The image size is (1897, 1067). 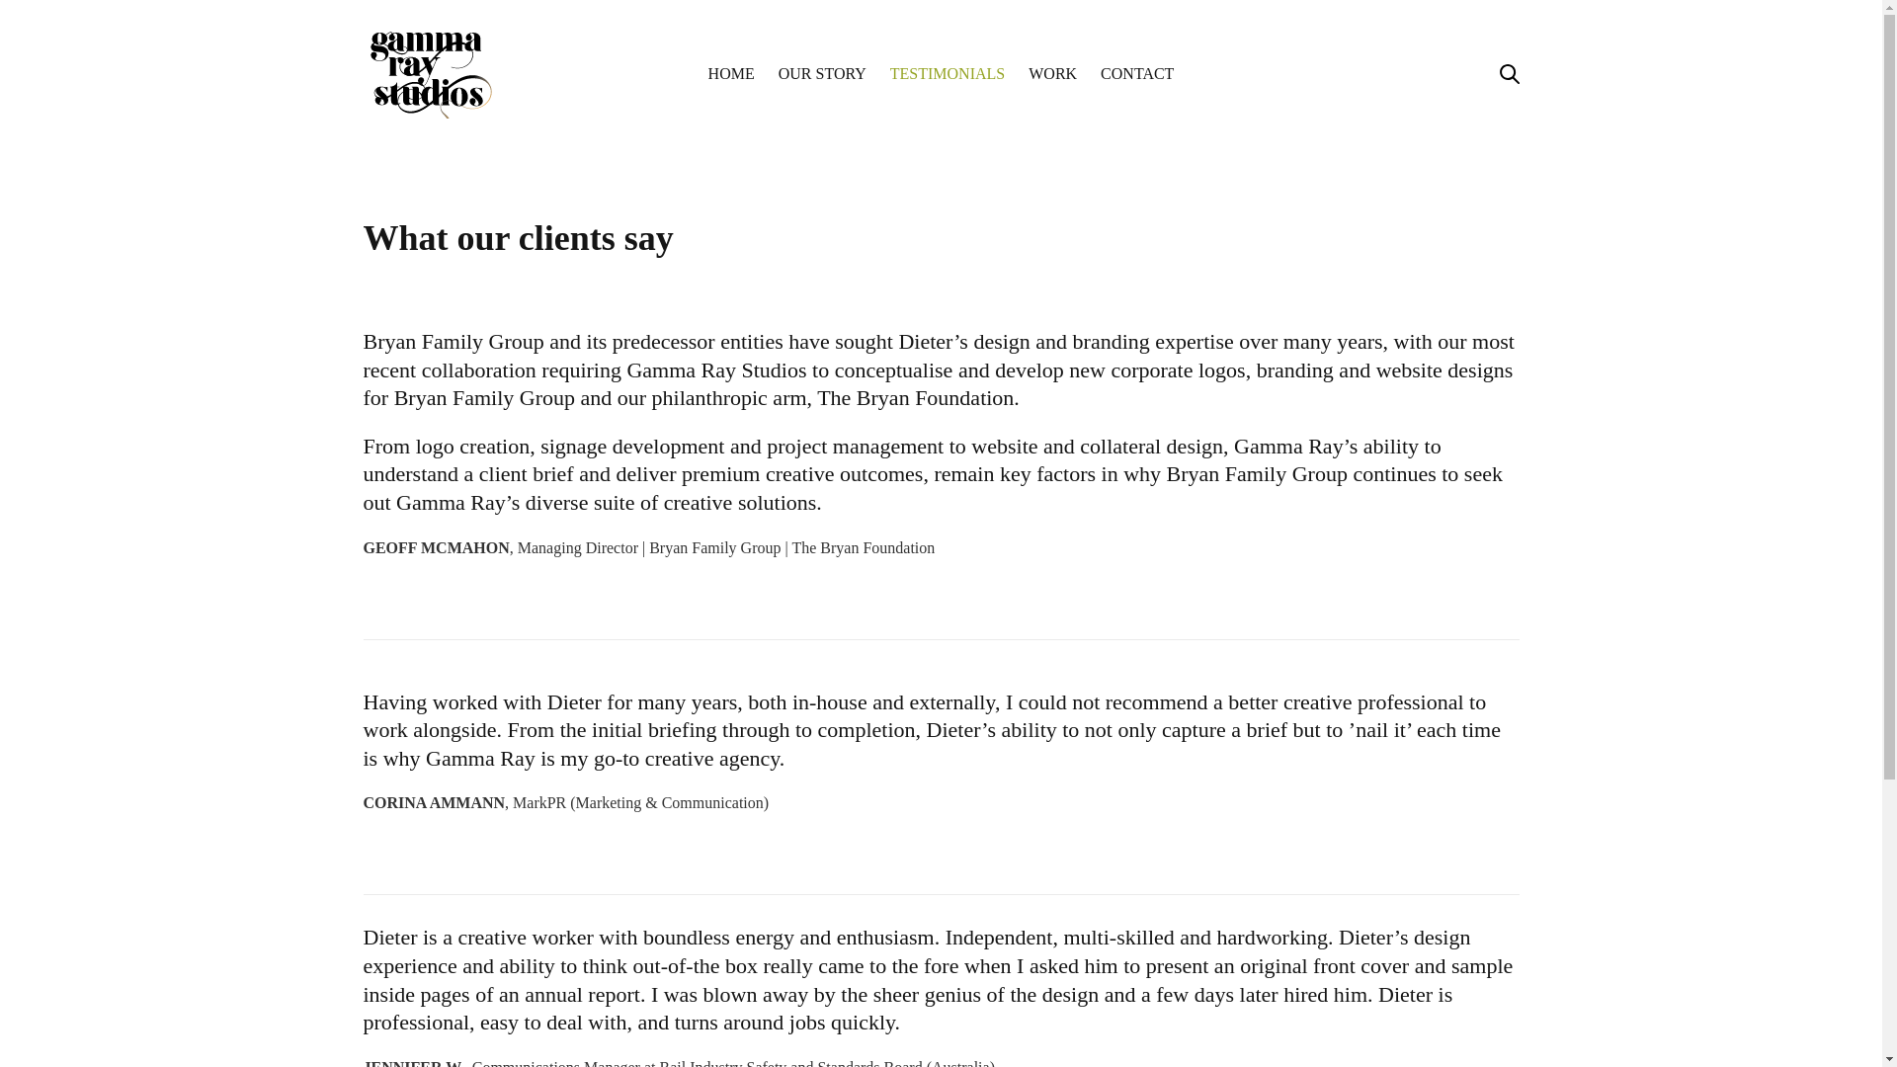 What do you see at coordinates (822, 72) in the screenshot?
I see `'OUR STORY'` at bounding box center [822, 72].